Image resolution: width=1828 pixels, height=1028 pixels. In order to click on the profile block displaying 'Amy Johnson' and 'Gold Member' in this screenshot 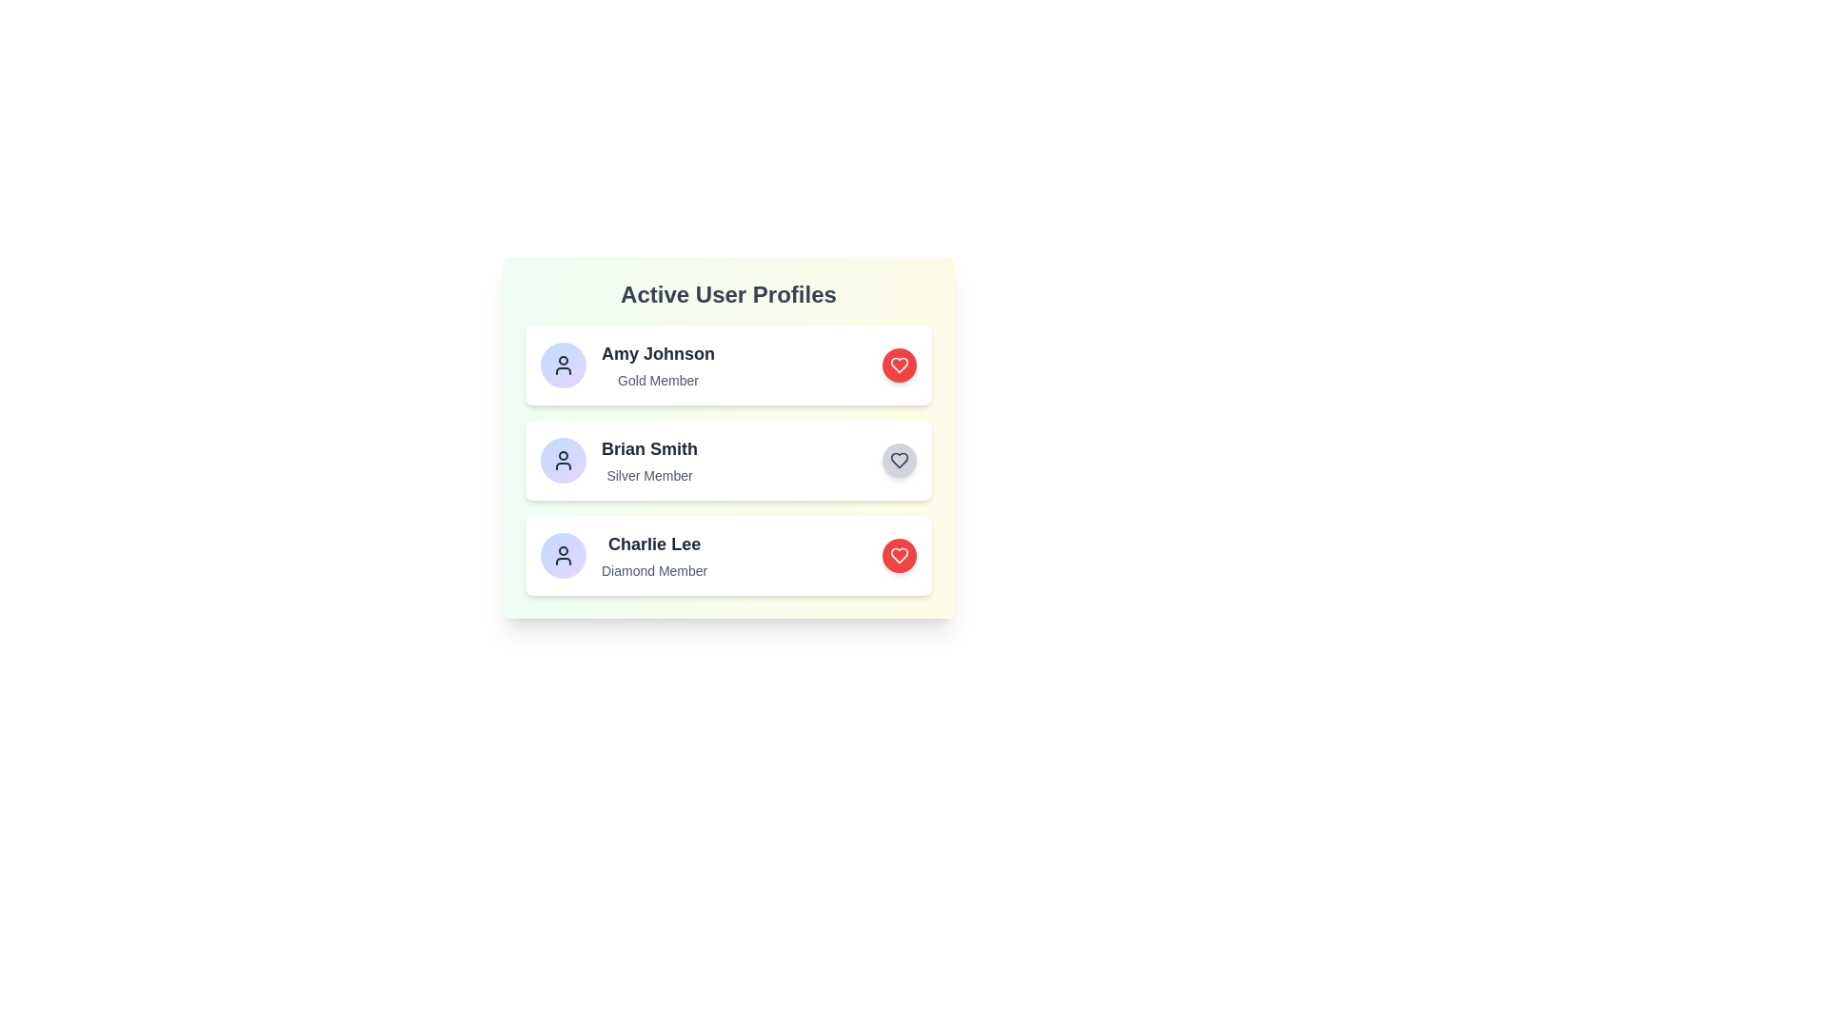, I will do `click(627, 366)`.